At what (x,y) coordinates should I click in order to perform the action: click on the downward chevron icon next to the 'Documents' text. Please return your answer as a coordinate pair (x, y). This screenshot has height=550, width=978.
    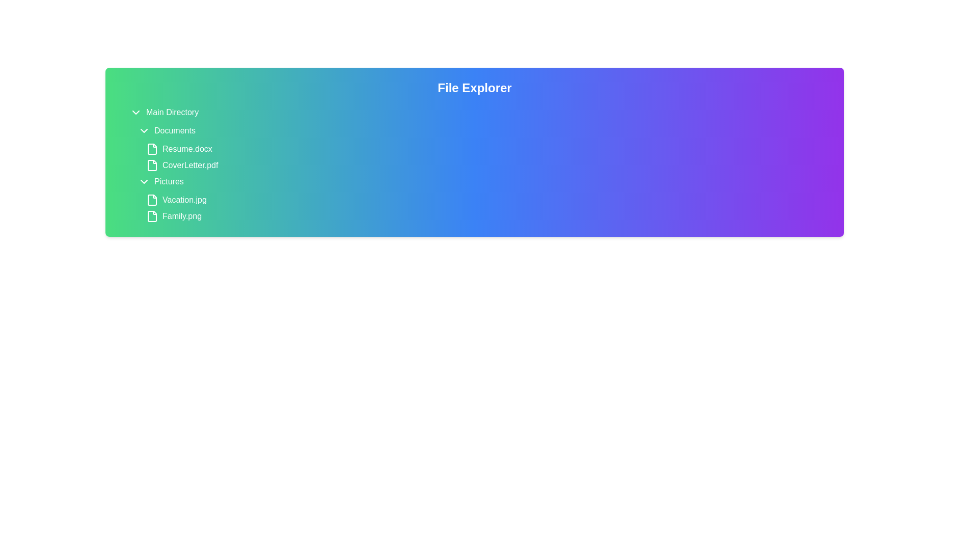
    Looking at the image, I should click on (144, 130).